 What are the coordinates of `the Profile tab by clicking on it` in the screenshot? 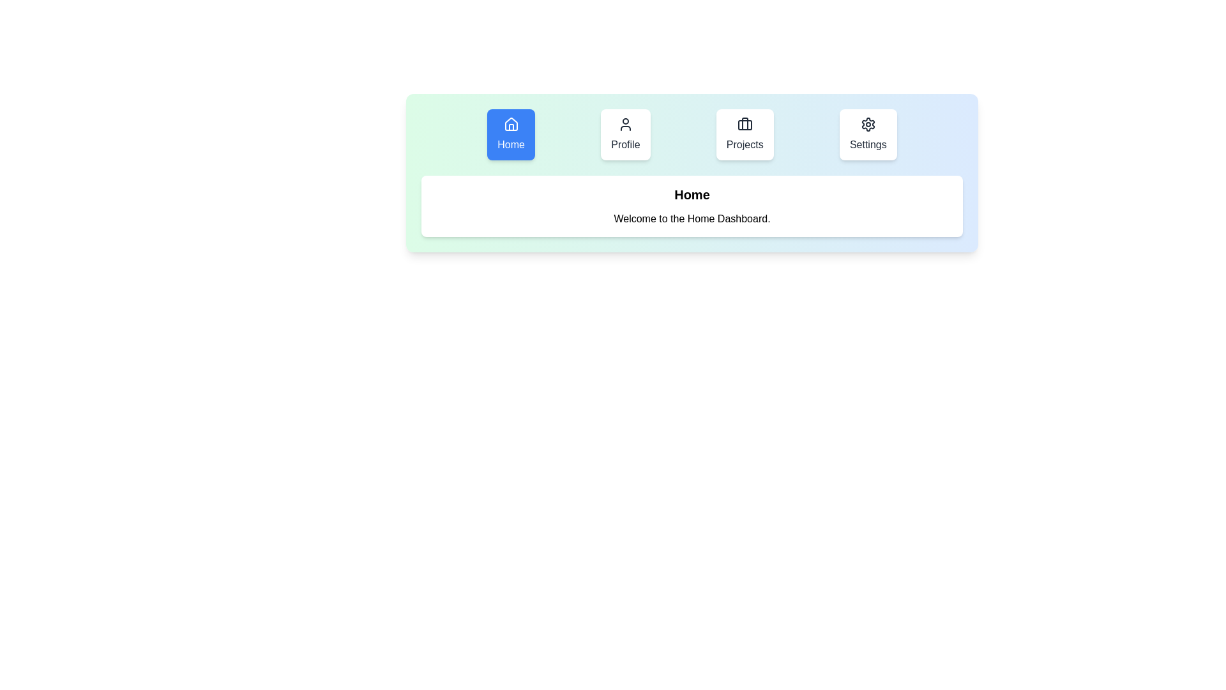 It's located at (625, 135).